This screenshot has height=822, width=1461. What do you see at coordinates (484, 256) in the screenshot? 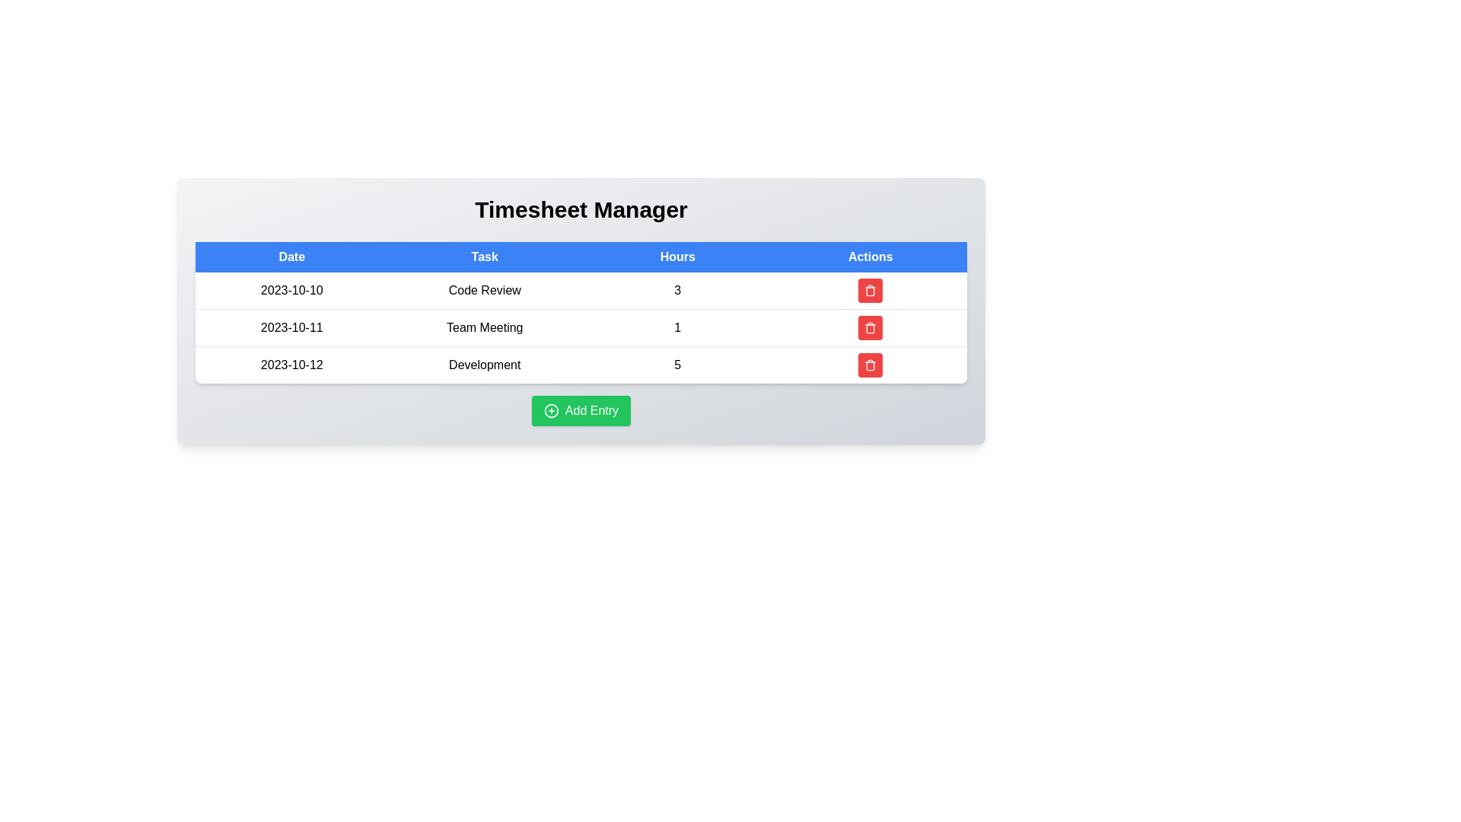
I see `the Table Header element labeled 'Task', which has a blue background and white centered text, positioned between the headers 'Date' and 'Hours'` at bounding box center [484, 256].